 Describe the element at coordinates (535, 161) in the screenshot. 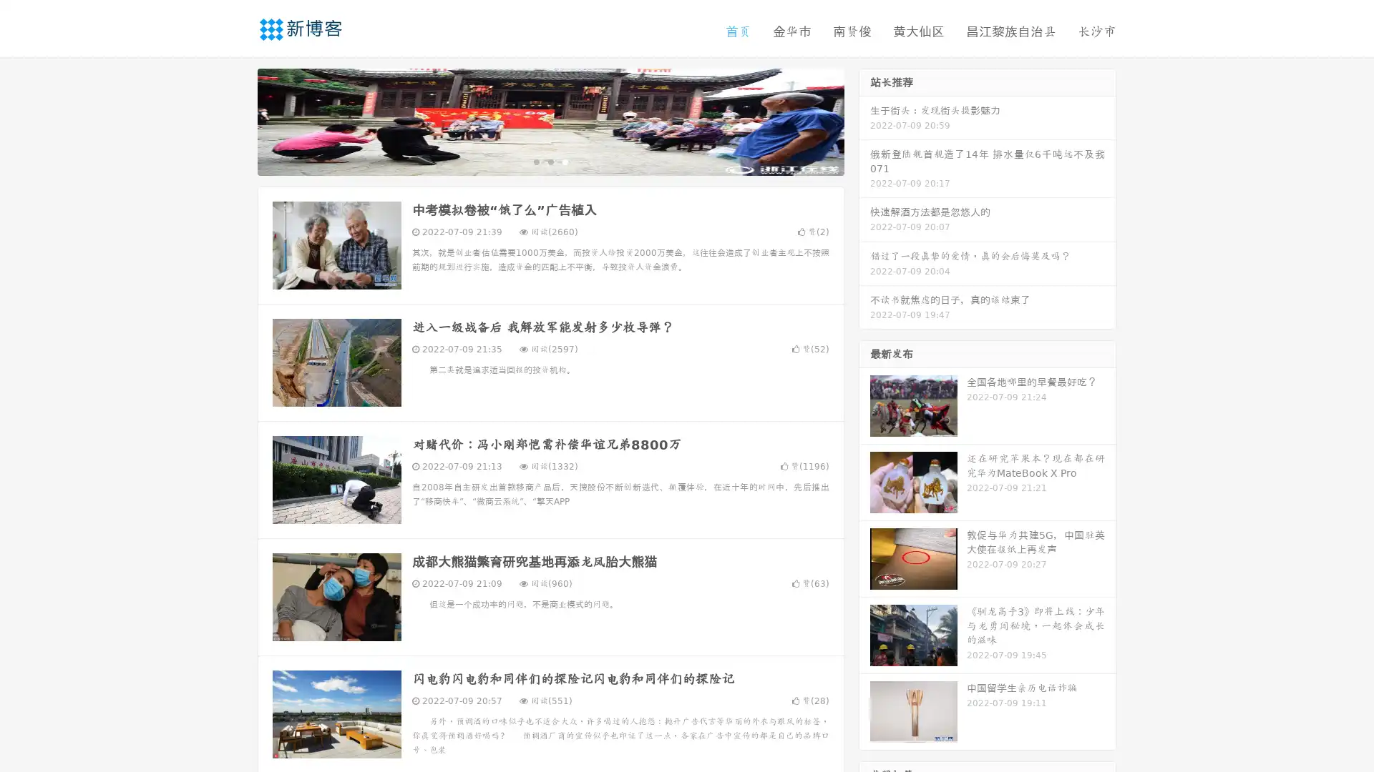

I see `Go to slide 1` at that location.